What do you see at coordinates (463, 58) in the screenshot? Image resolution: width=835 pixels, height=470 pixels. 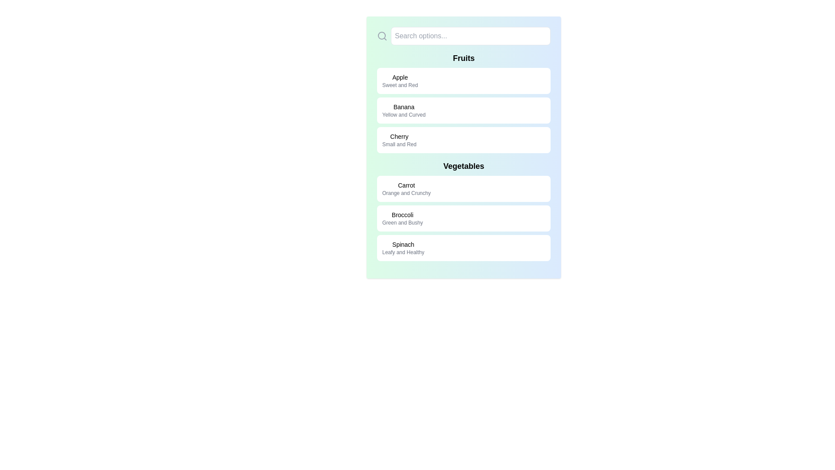 I see `the 'Fruits' static text header, which is displayed in bold typography and serves as a heading for a list of fruit entries` at bounding box center [463, 58].